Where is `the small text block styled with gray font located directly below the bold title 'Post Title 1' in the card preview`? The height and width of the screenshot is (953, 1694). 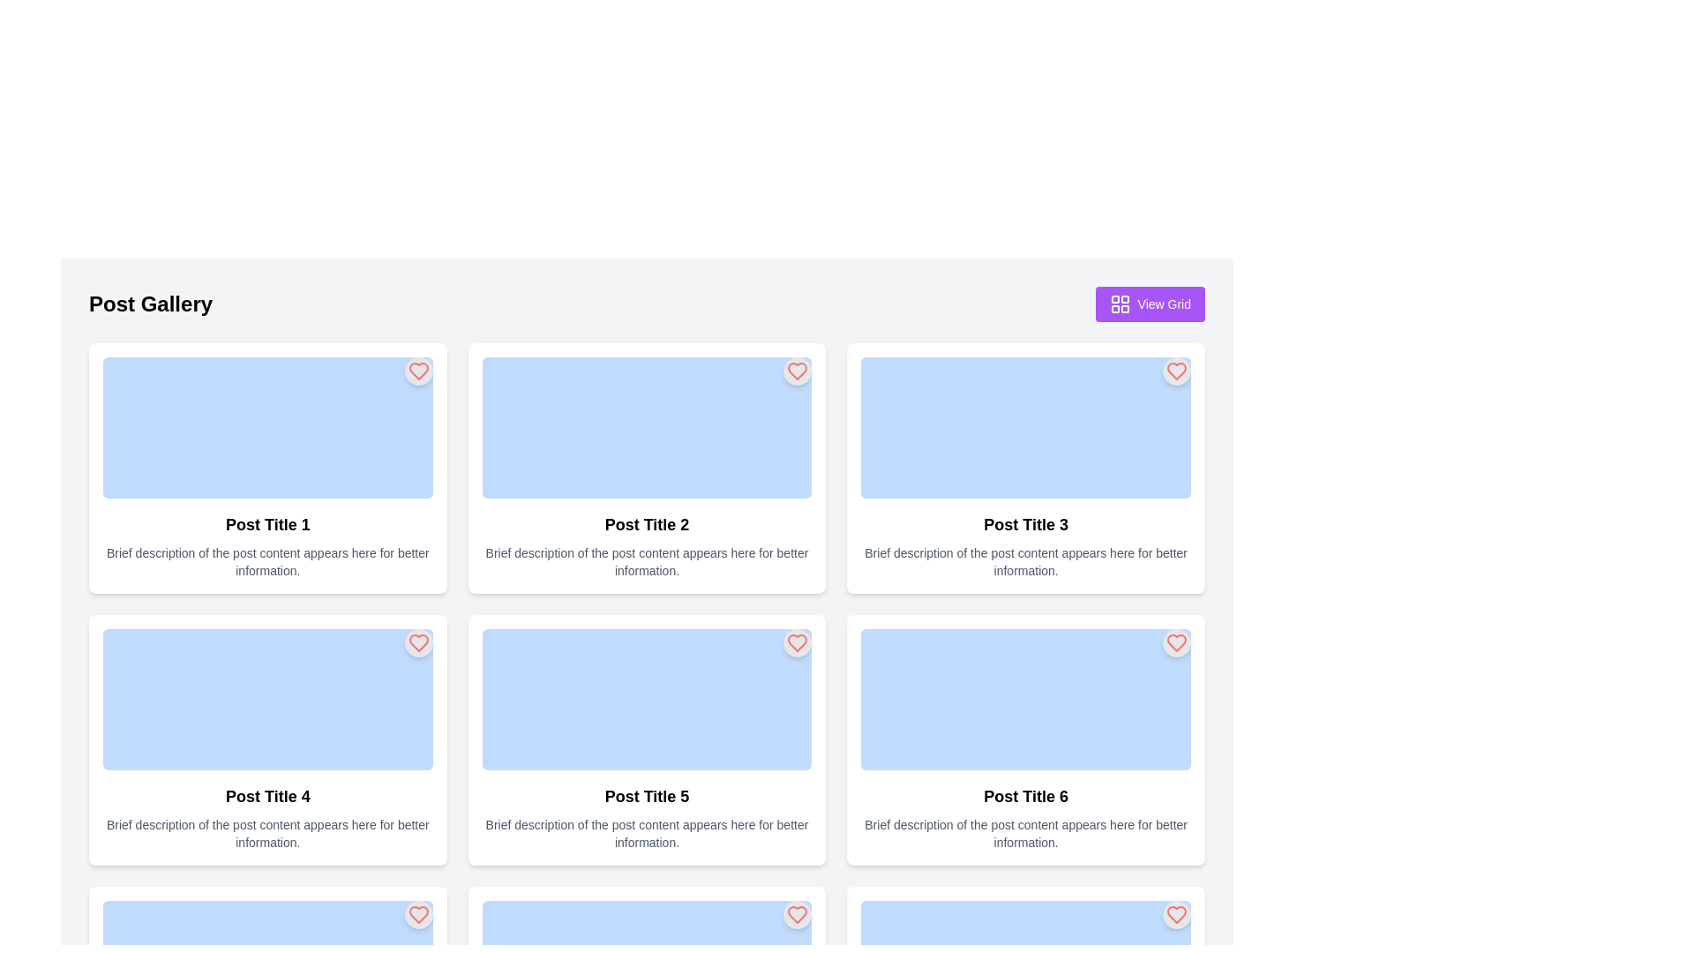
the small text block styled with gray font located directly below the bold title 'Post Title 1' in the card preview is located at coordinates (266, 561).